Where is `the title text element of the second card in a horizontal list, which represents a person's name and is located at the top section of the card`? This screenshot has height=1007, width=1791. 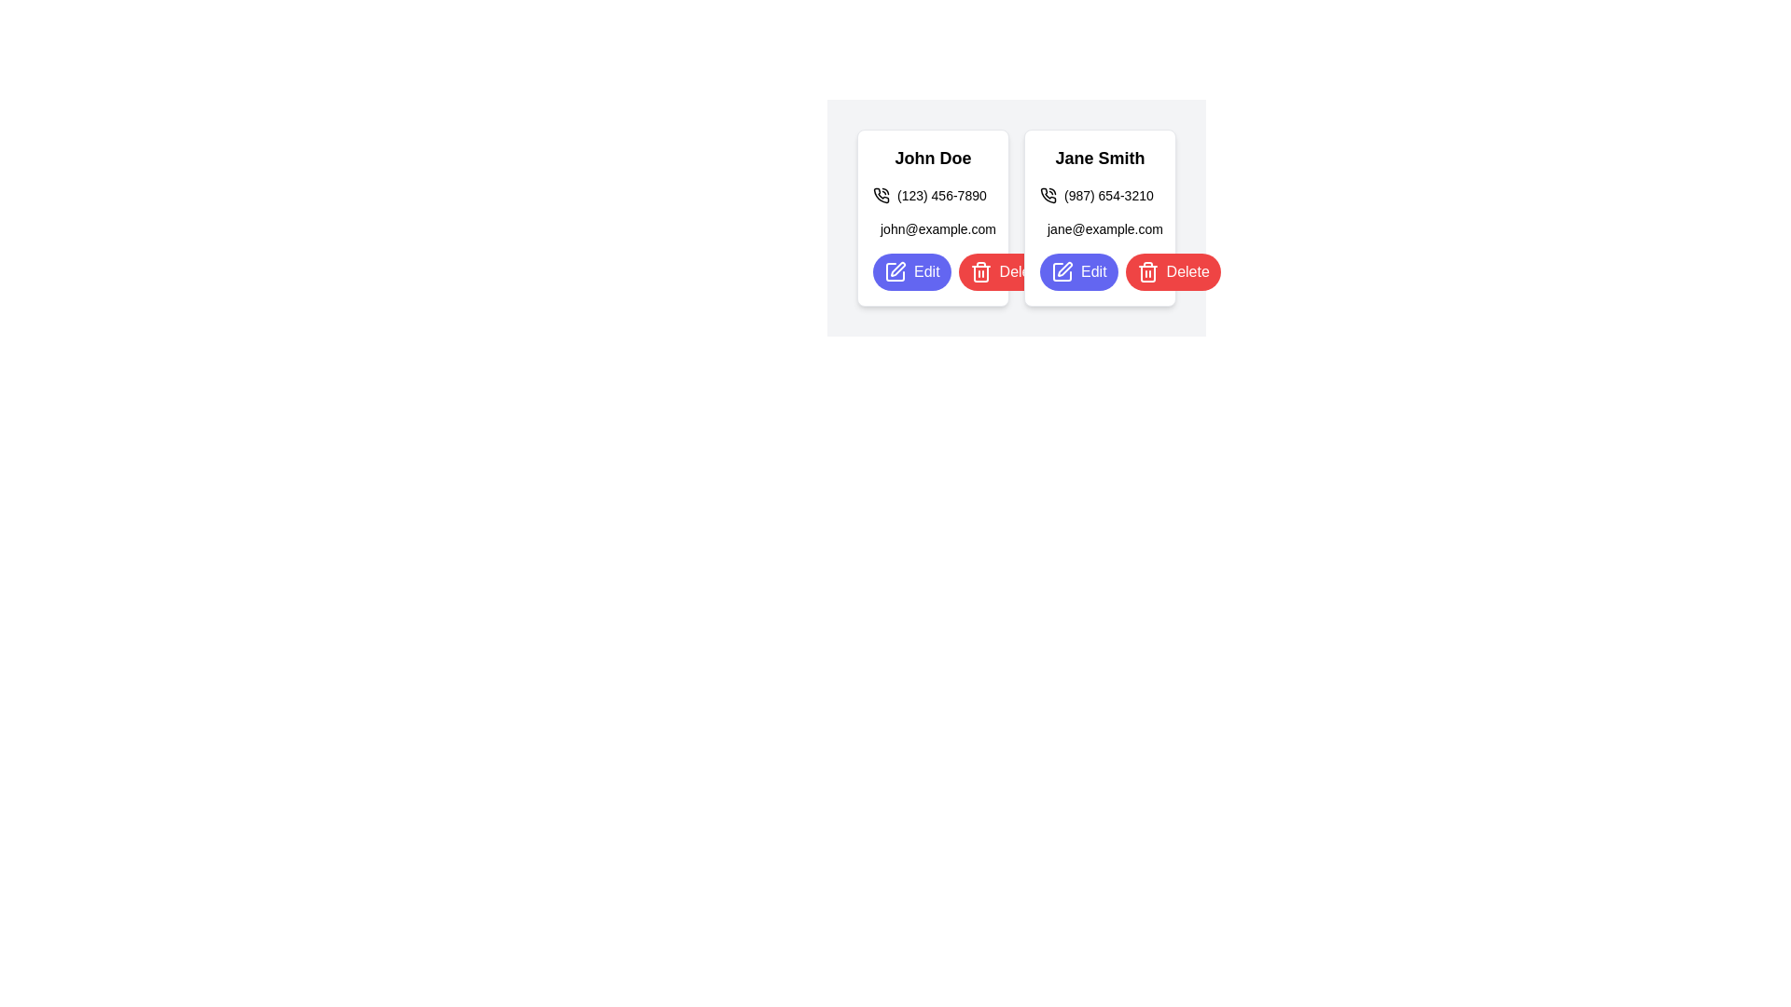
the title text element of the second card in a horizontal list, which represents a person's name and is located at the top section of the card is located at coordinates (1100, 157).